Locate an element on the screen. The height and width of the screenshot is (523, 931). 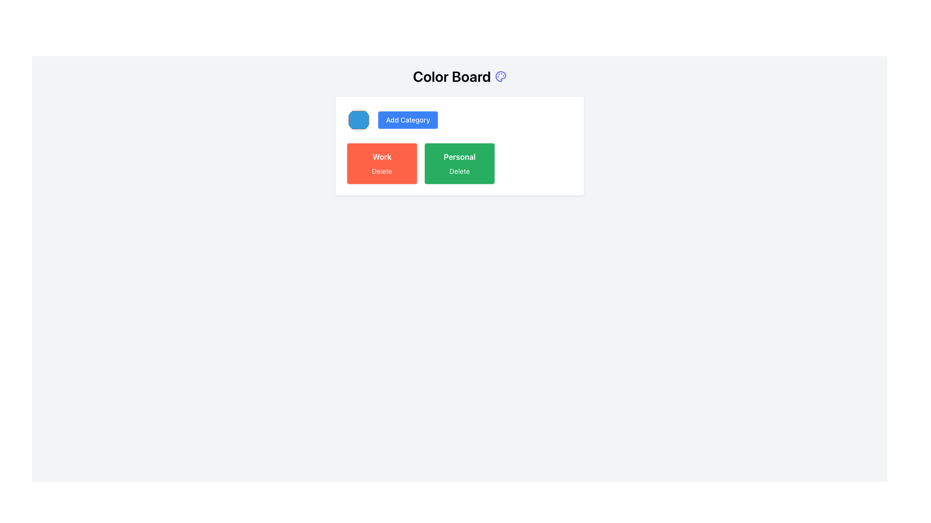
the 'Delete' label on the red-orange button with the title 'Work' is located at coordinates (381, 163).